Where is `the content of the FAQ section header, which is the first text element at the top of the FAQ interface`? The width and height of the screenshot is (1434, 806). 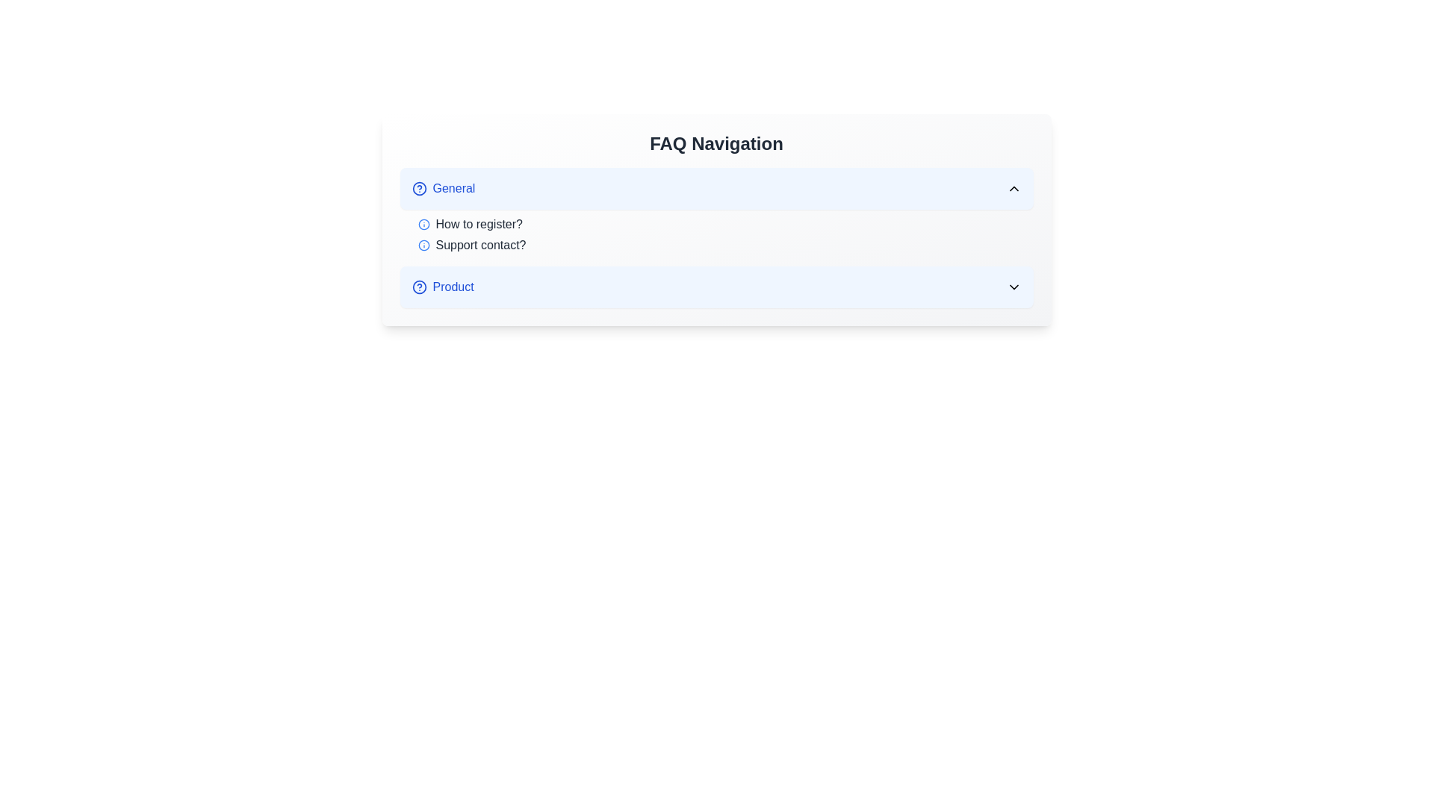 the content of the FAQ section header, which is the first text element at the top of the FAQ interface is located at coordinates (716, 143).